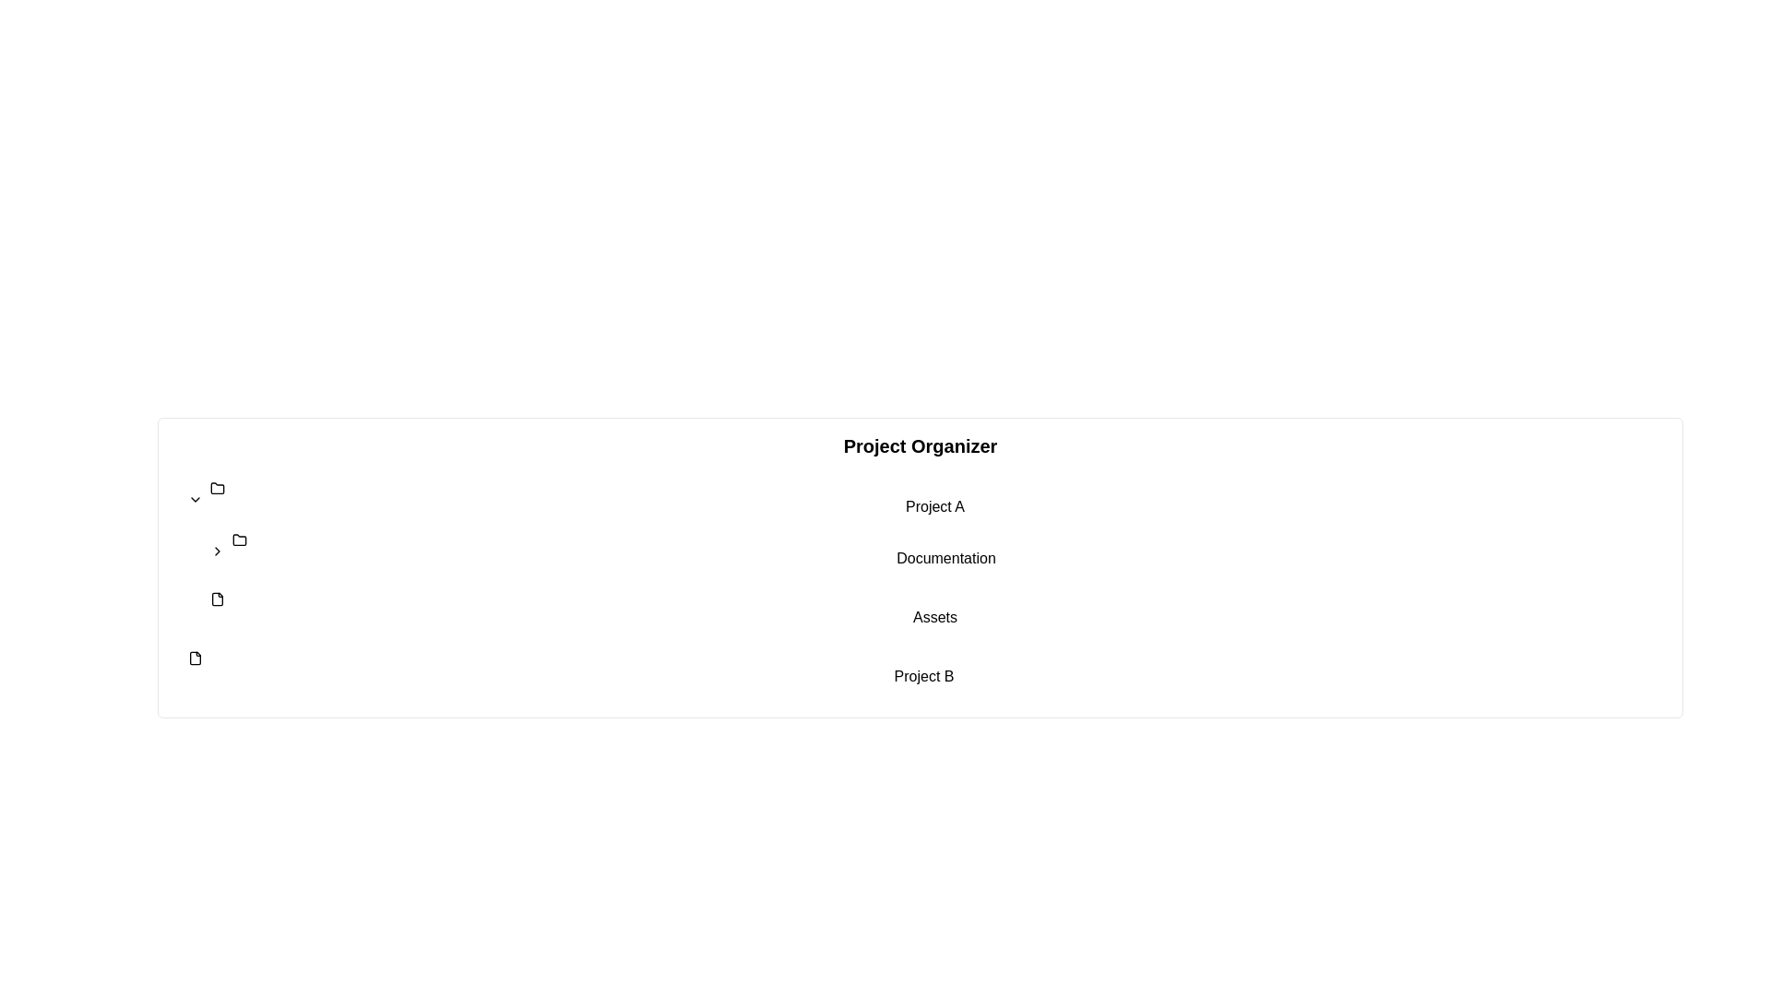  I want to click on the selectable text label for 'Project B', which is the last item in the list of projects and documents, so click(924, 669).